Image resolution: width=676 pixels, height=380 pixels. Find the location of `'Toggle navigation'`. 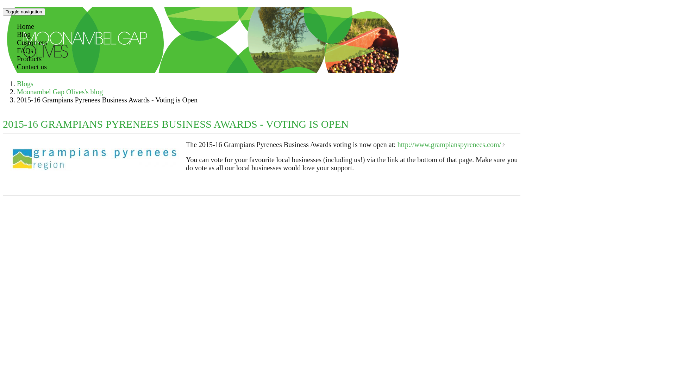

'Toggle navigation' is located at coordinates (3, 12).